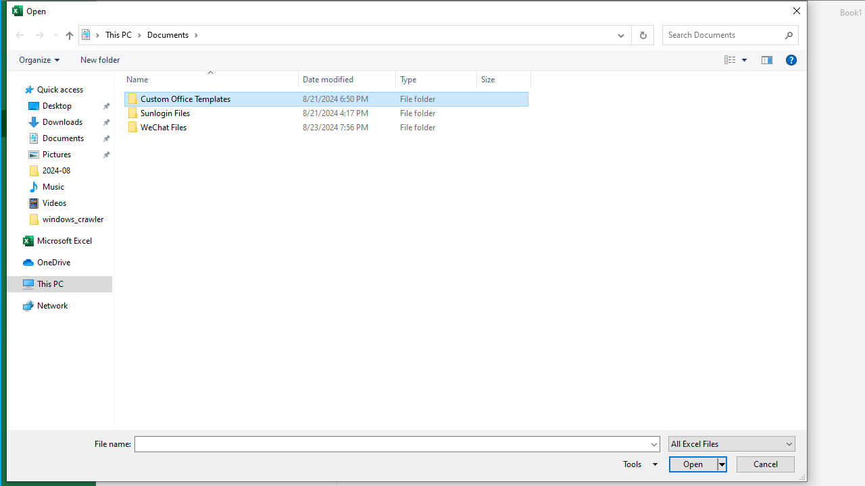 This screenshot has height=486, width=865. Describe the element at coordinates (767, 59) in the screenshot. I see `'Preview pane'` at that location.